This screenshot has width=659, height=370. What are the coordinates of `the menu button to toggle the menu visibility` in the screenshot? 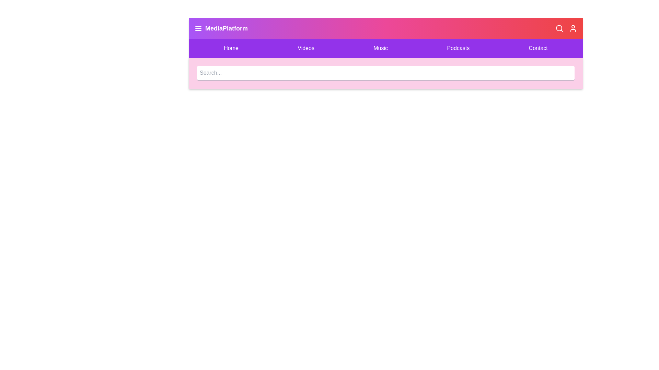 It's located at (198, 28).